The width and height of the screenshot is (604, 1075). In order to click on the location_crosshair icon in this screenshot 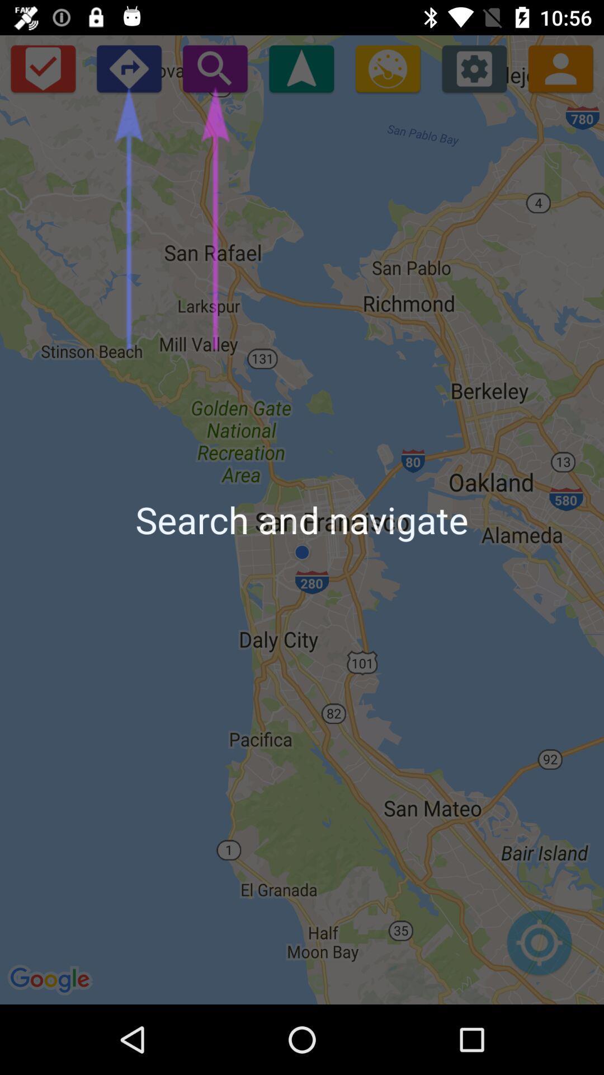, I will do `click(539, 948)`.